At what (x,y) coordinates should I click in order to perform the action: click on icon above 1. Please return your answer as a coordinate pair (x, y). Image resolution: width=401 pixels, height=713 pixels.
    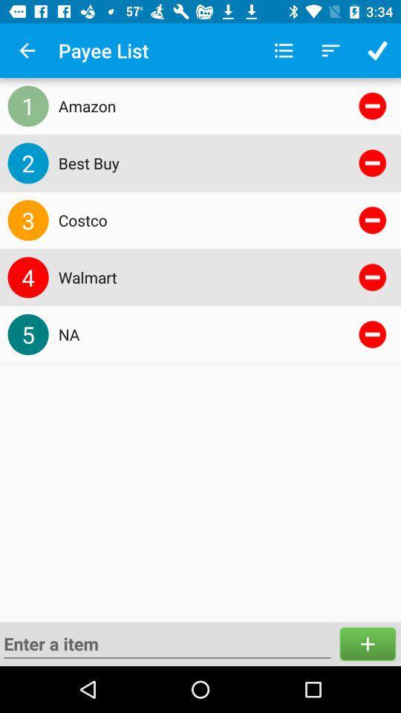
    Looking at the image, I should click on (27, 51).